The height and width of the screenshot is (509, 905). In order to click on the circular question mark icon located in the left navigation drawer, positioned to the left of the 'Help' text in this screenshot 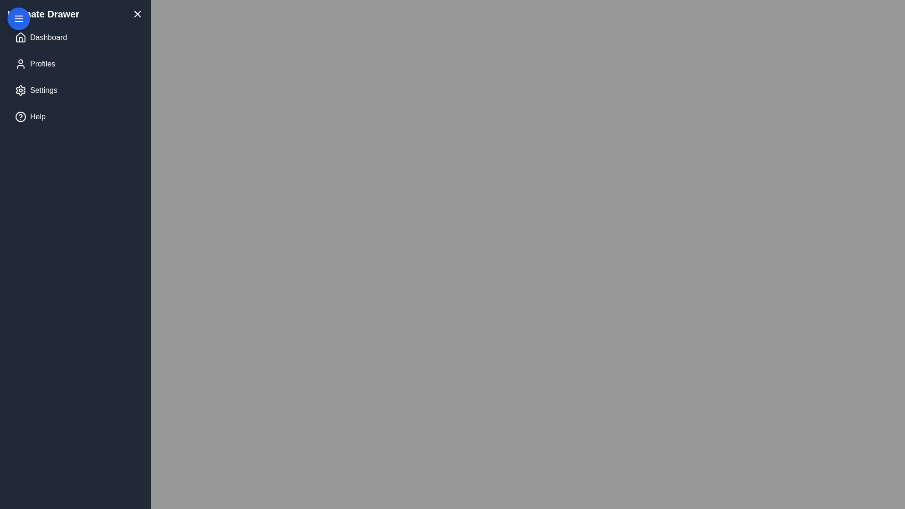, I will do `click(20, 116)`.